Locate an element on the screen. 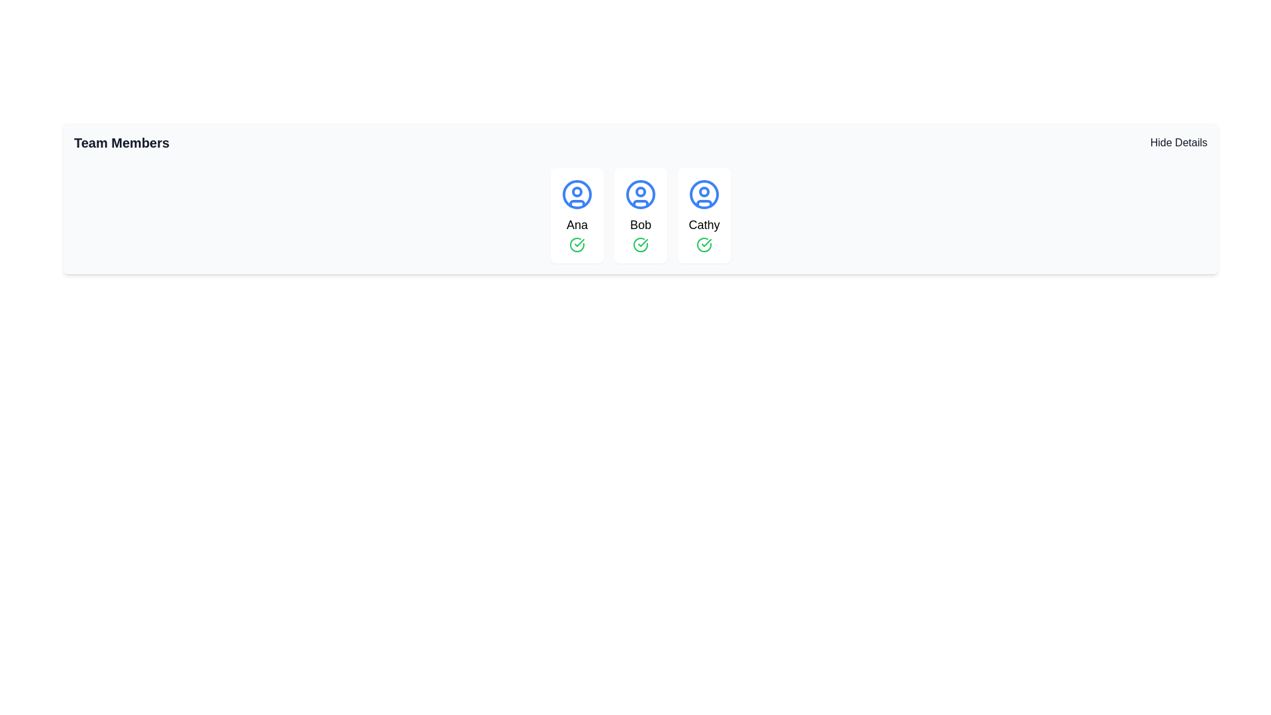  the circular user profile icon with a blue outline located in the card labeled 'Cathy' is located at coordinates (704, 194).